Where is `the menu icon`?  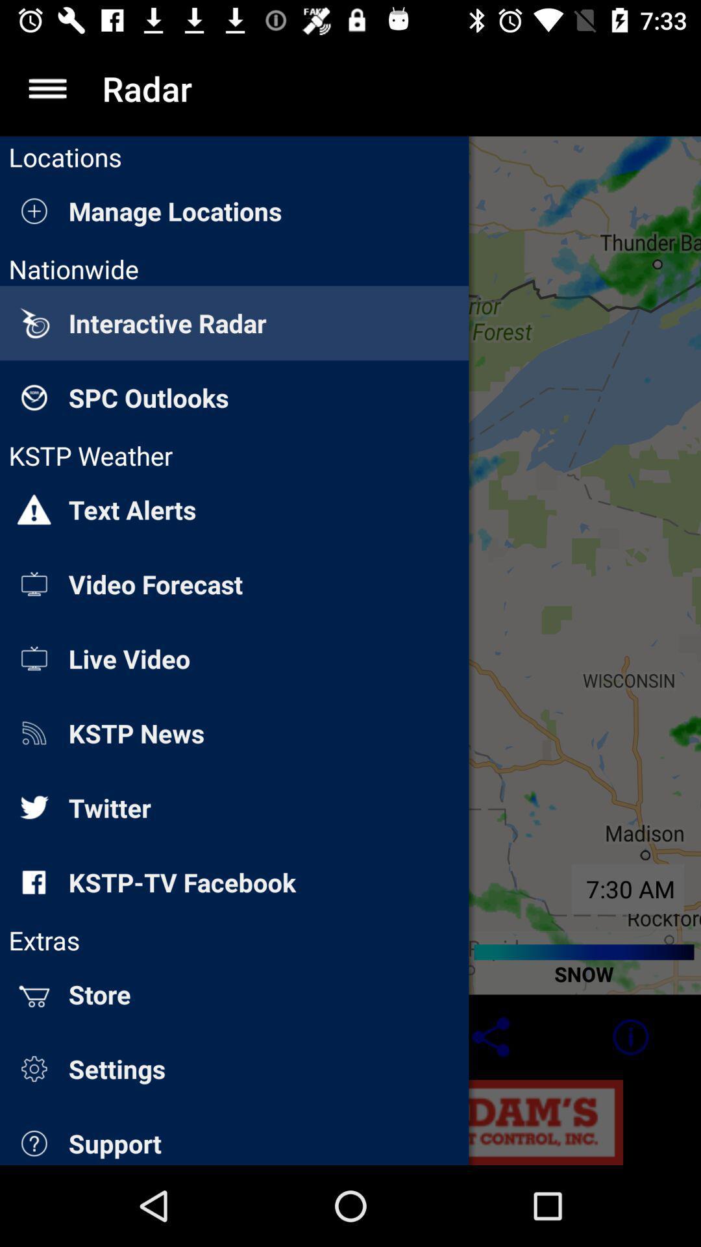 the menu icon is located at coordinates (47, 88).